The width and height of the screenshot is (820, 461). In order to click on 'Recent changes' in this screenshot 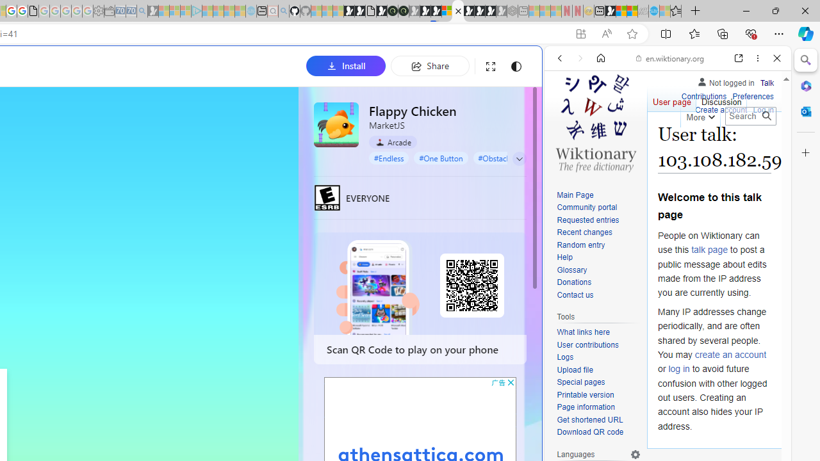, I will do `click(584, 232)`.